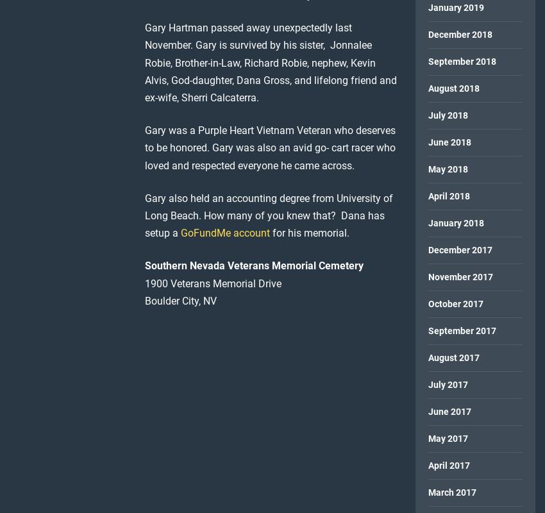 The image size is (545, 513). Describe the element at coordinates (448, 410) in the screenshot. I see `'June 2017'` at that location.